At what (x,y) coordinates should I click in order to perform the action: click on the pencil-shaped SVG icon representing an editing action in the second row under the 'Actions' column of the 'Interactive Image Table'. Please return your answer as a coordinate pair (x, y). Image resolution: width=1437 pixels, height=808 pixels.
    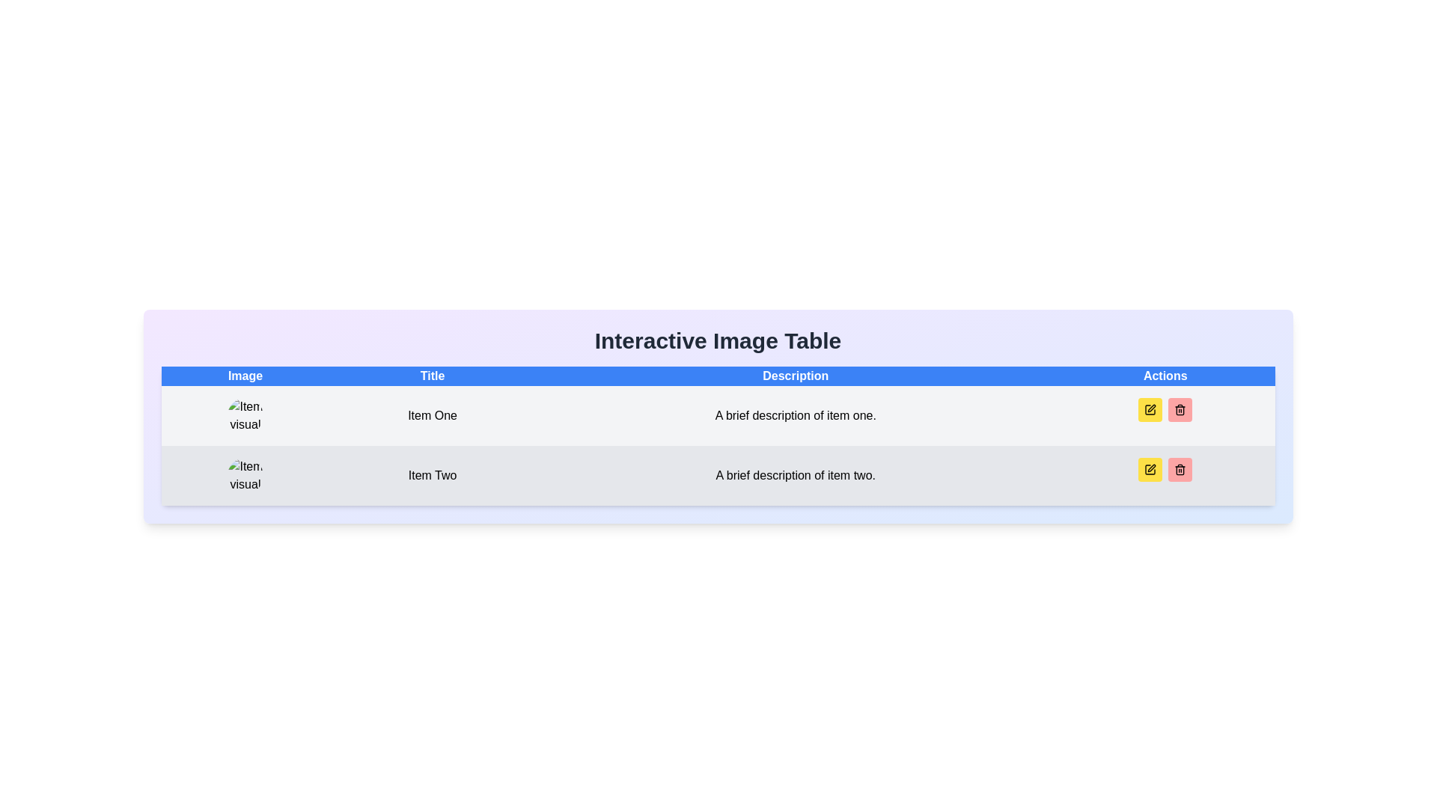
    Looking at the image, I should click on (1151, 408).